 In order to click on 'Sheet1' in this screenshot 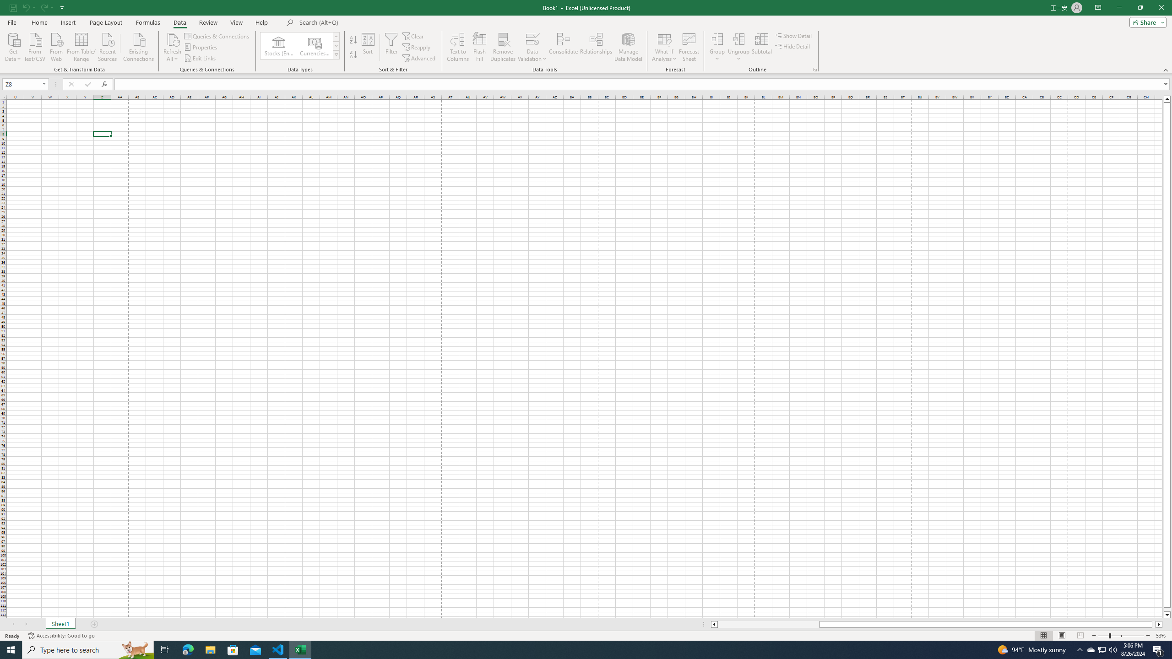, I will do `click(60, 624)`.